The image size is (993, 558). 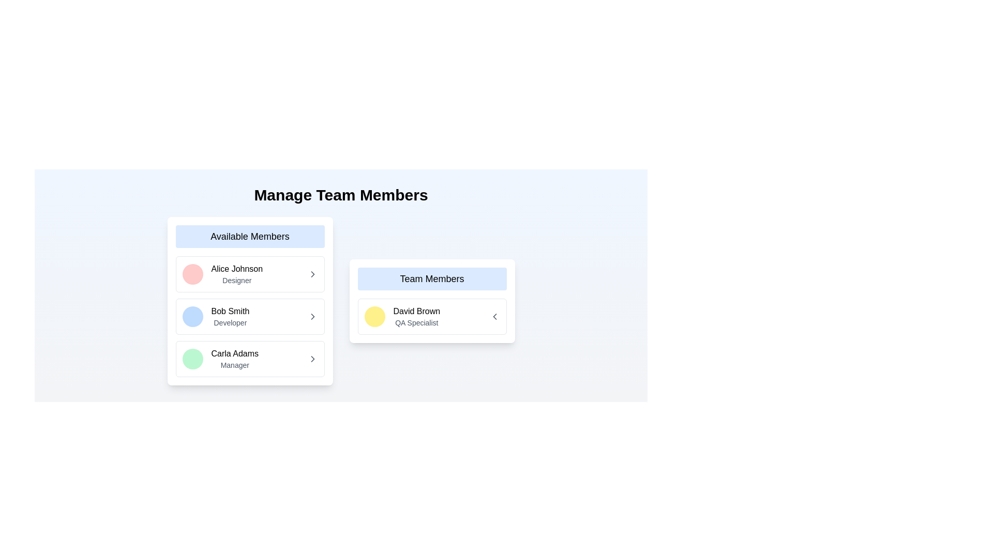 What do you see at coordinates (220, 358) in the screenshot?
I see `the Profile entry box for 'Carla Adams Manager' to bring up a context menu` at bounding box center [220, 358].